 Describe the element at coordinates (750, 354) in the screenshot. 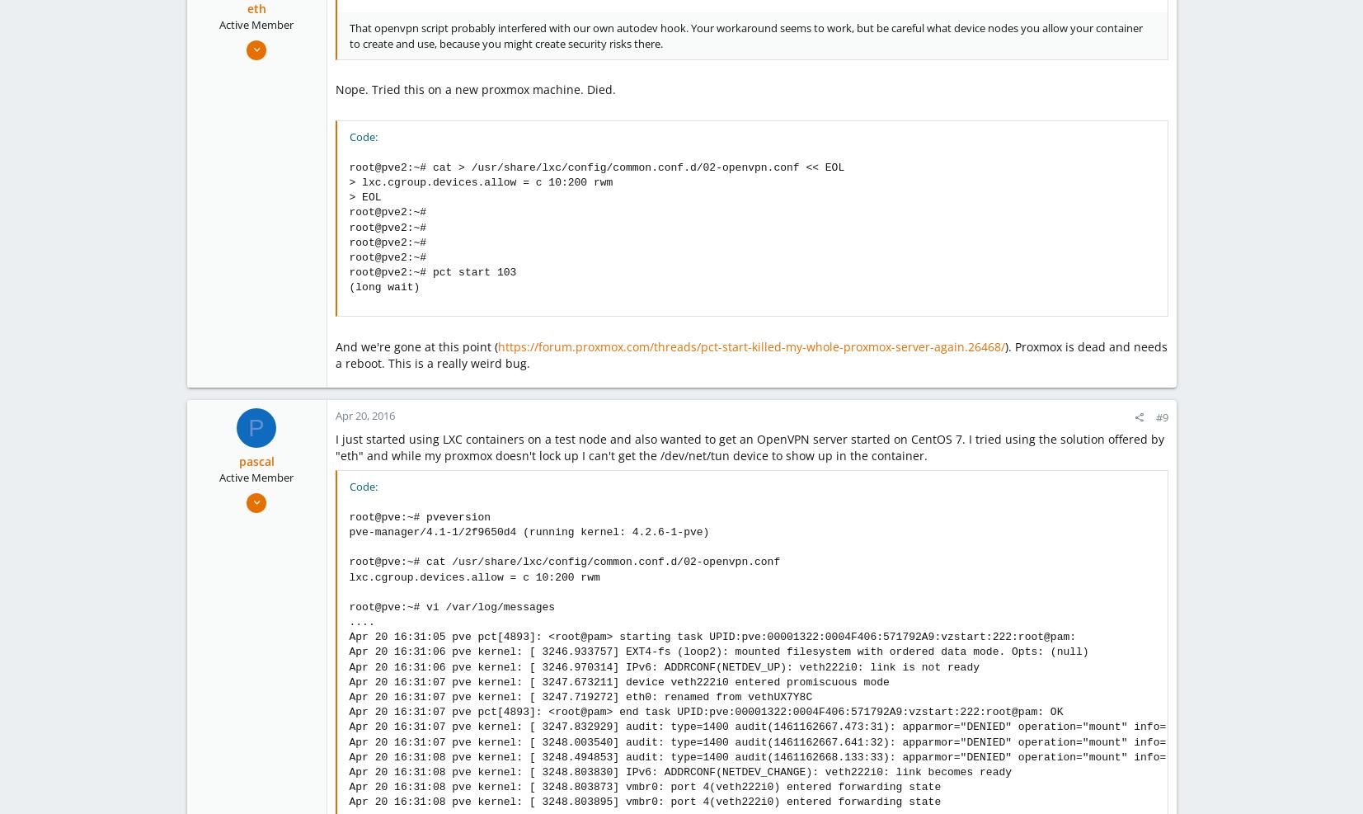

I see `'). Proxmox is dead and needs a reboot. This is a really weird bug.'` at that location.